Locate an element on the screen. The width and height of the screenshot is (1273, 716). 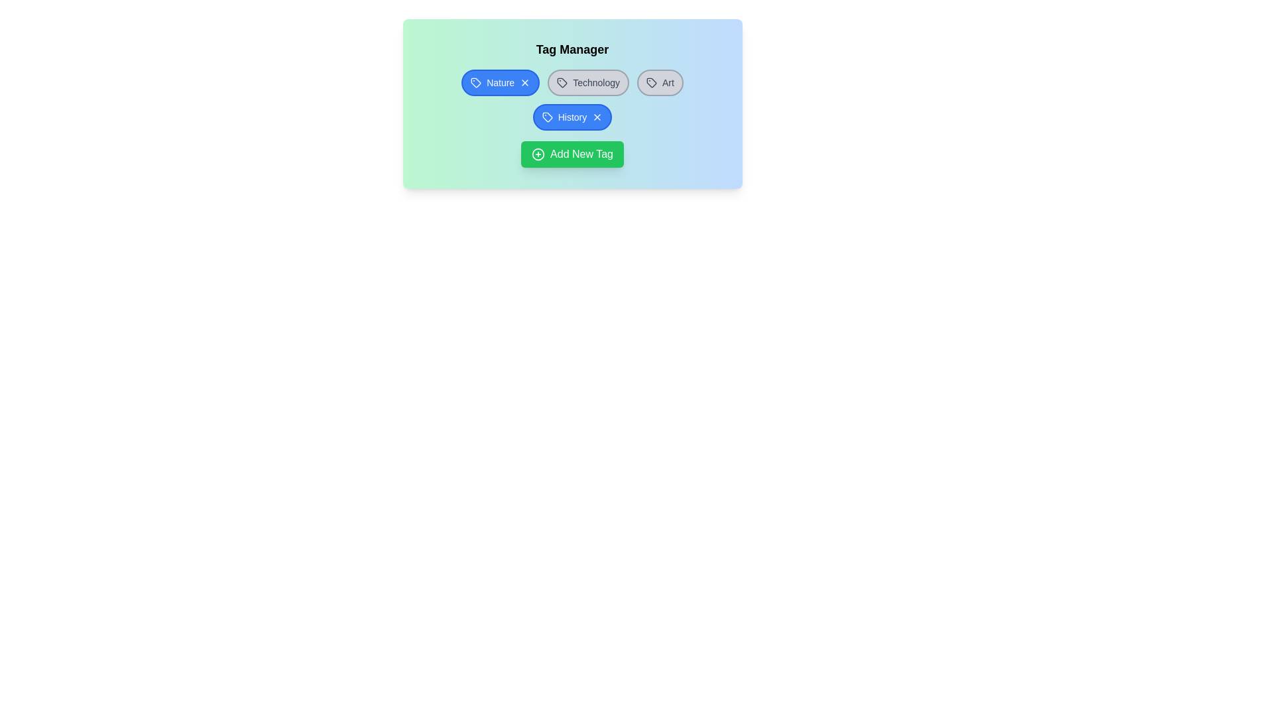
the tag labeled Nature to toggle its selection is located at coordinates (500, 82).